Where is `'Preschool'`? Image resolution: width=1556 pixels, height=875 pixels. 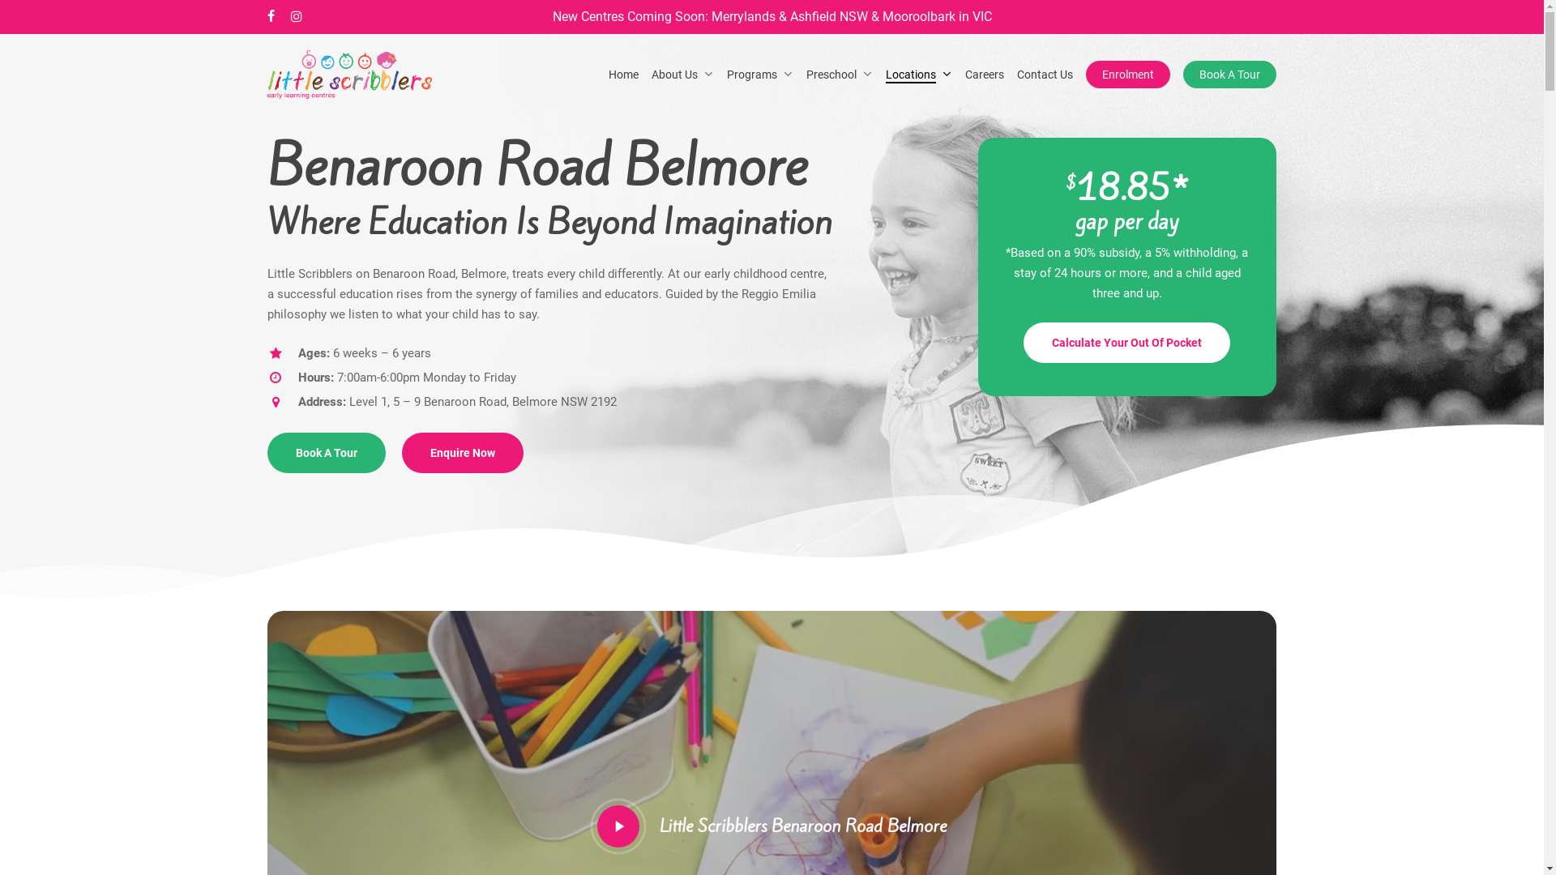 'Preschool' is located at coordinates (840, 75).